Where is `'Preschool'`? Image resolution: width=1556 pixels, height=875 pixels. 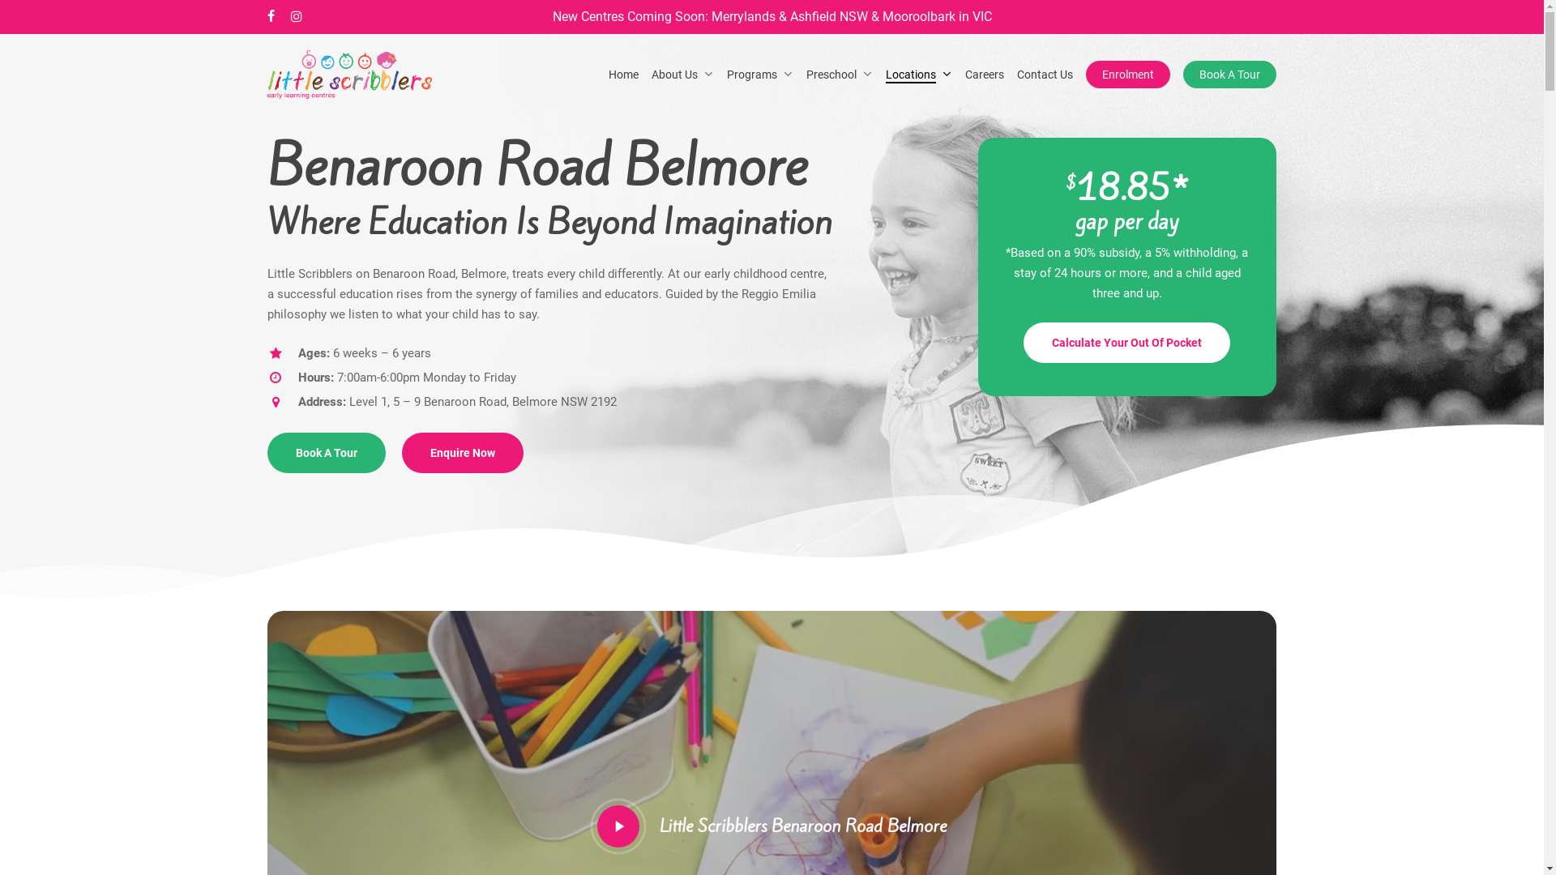 'Preschool' is located at coordinates (840, 75).